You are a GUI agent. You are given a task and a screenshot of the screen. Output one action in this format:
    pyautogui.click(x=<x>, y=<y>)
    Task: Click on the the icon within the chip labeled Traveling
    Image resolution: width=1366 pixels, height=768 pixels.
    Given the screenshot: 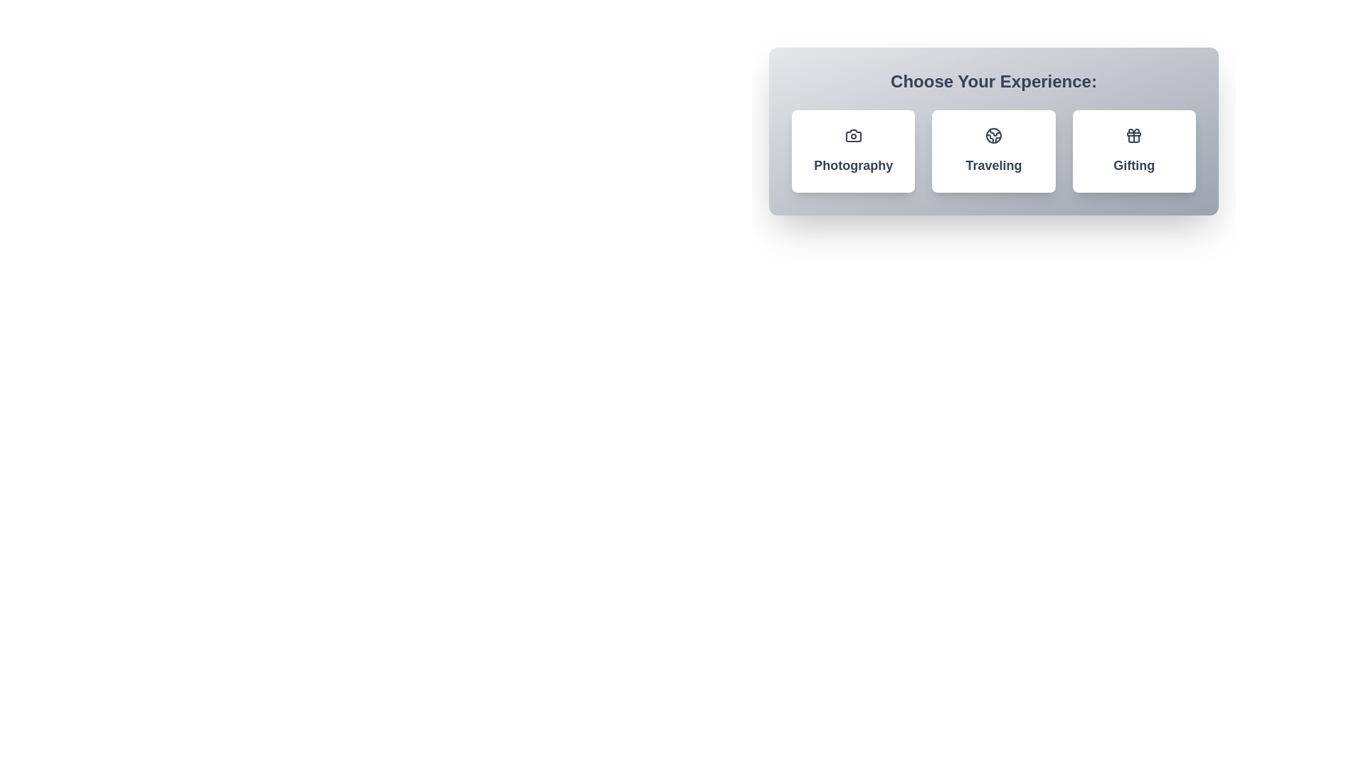 What is the action you would take?
    pyautogui.click(x=992, y=136)
    